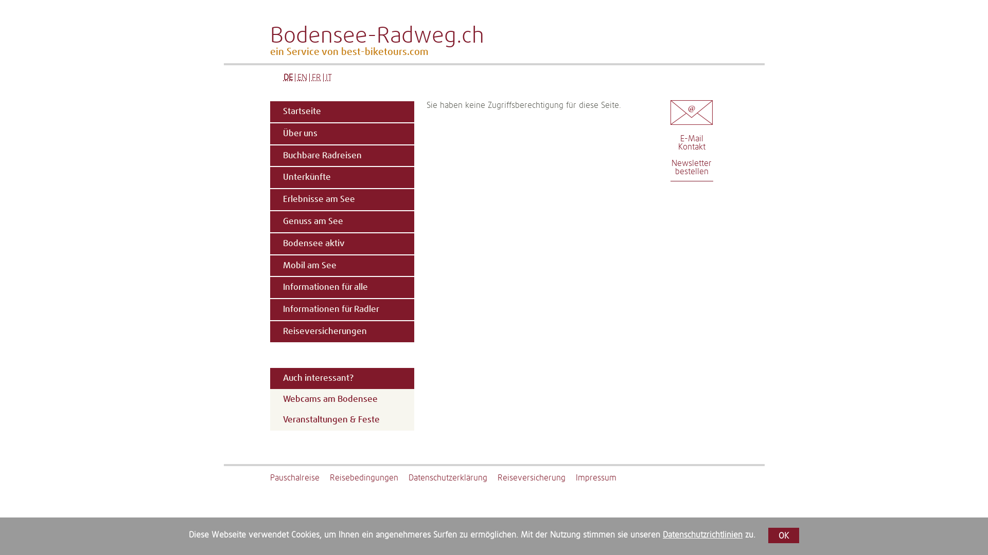 The width and height of the screenshot is (988, 555). I want to click on 'EN', so click(296, 77).